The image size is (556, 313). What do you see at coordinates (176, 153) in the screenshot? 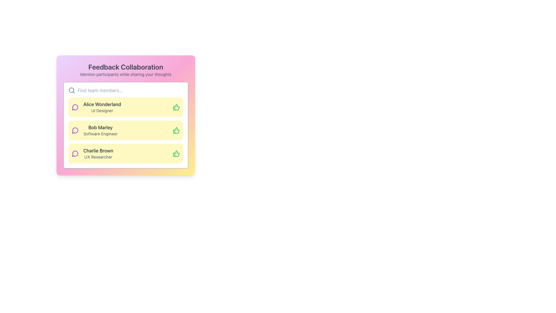
I see `the like icon located at the bottom right corner of Charlie Brown's profile card, next to 'UX Researcher', to express approval` at bounding box center [176, 153].